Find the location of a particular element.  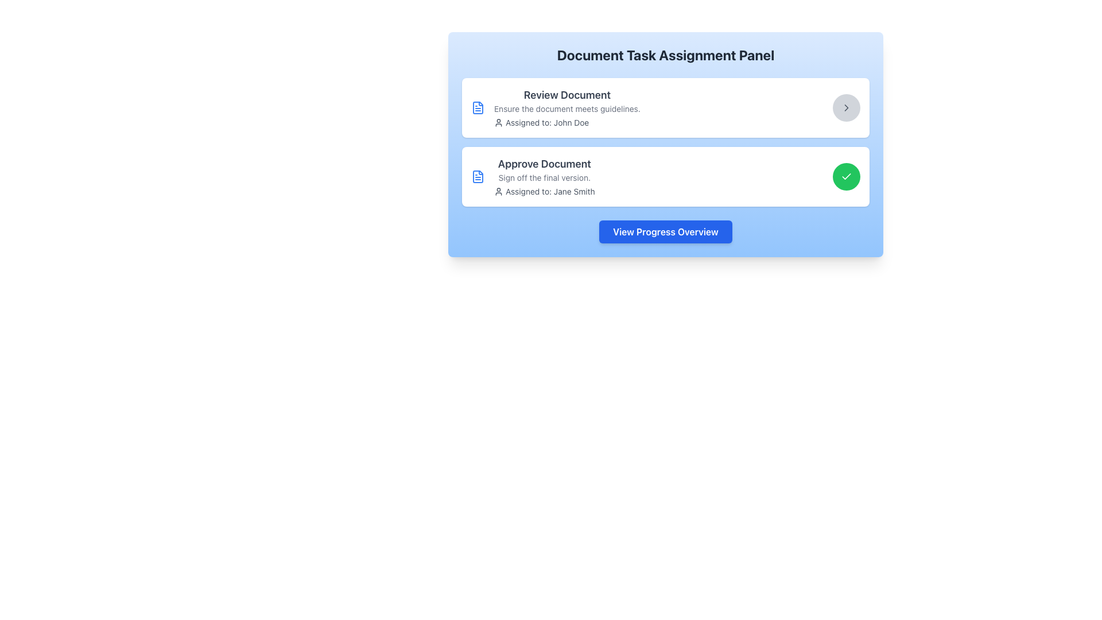

the assigned person indicated in the 'Approve Document' text block, which displays the details 'Assigned to: Jane Smith' is located at coordinates (544, 177).